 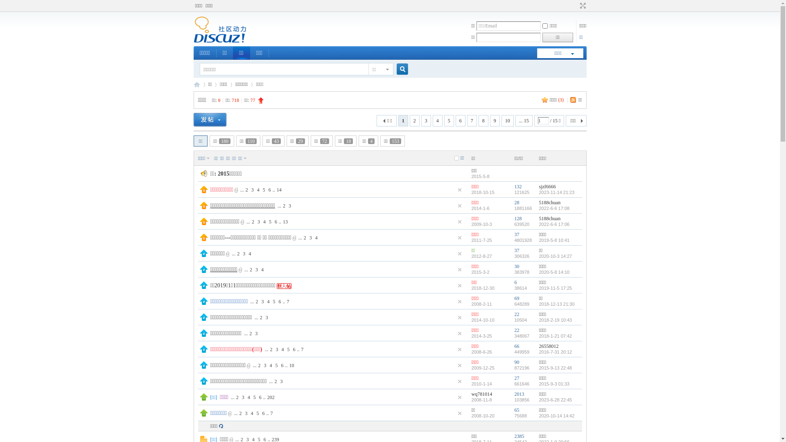 I want to click on '2385', so click(x=518, y=435).